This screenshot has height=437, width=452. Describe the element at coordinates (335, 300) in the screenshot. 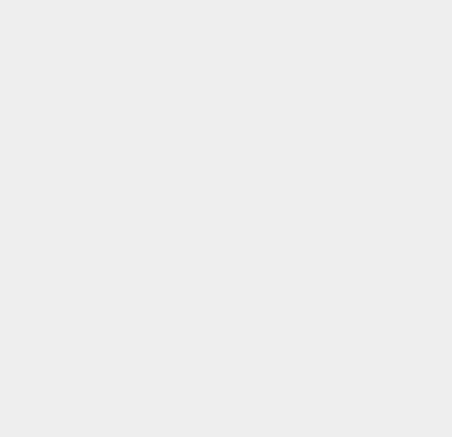

I see `'Google Map'` at that location.